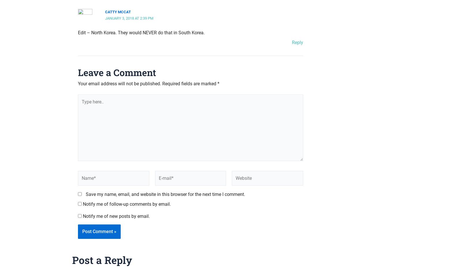  Describe the element at coordinates (116, 72) in the screenshot. I see `'Leave a Comment'` at that location.